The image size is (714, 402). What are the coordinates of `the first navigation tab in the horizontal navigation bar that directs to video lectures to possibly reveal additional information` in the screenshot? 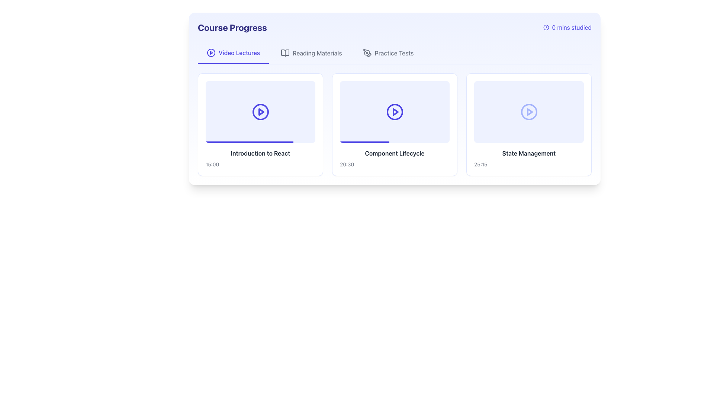 It's located at (233, 52).